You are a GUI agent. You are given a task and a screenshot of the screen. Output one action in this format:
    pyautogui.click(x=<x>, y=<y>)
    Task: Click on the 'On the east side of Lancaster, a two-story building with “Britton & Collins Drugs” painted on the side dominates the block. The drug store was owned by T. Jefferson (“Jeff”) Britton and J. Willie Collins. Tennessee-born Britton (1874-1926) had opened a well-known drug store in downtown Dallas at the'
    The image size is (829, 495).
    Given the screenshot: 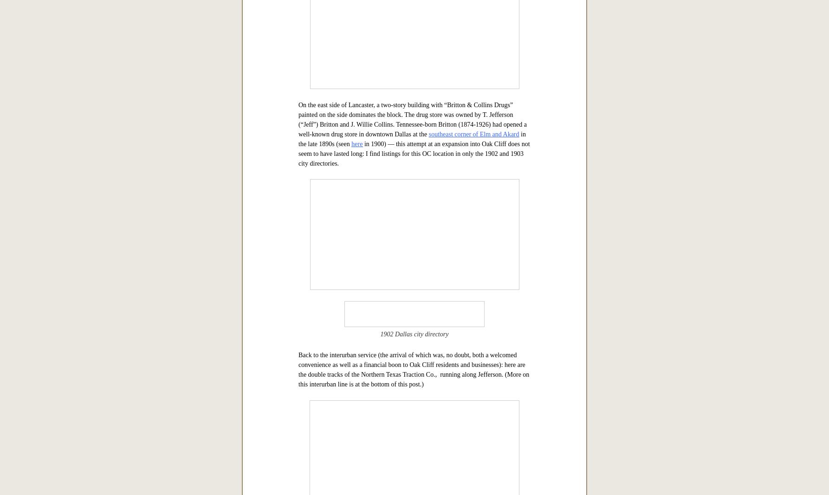 What is the action you would take?
    pyautogui.click(x=412, y=410)
    